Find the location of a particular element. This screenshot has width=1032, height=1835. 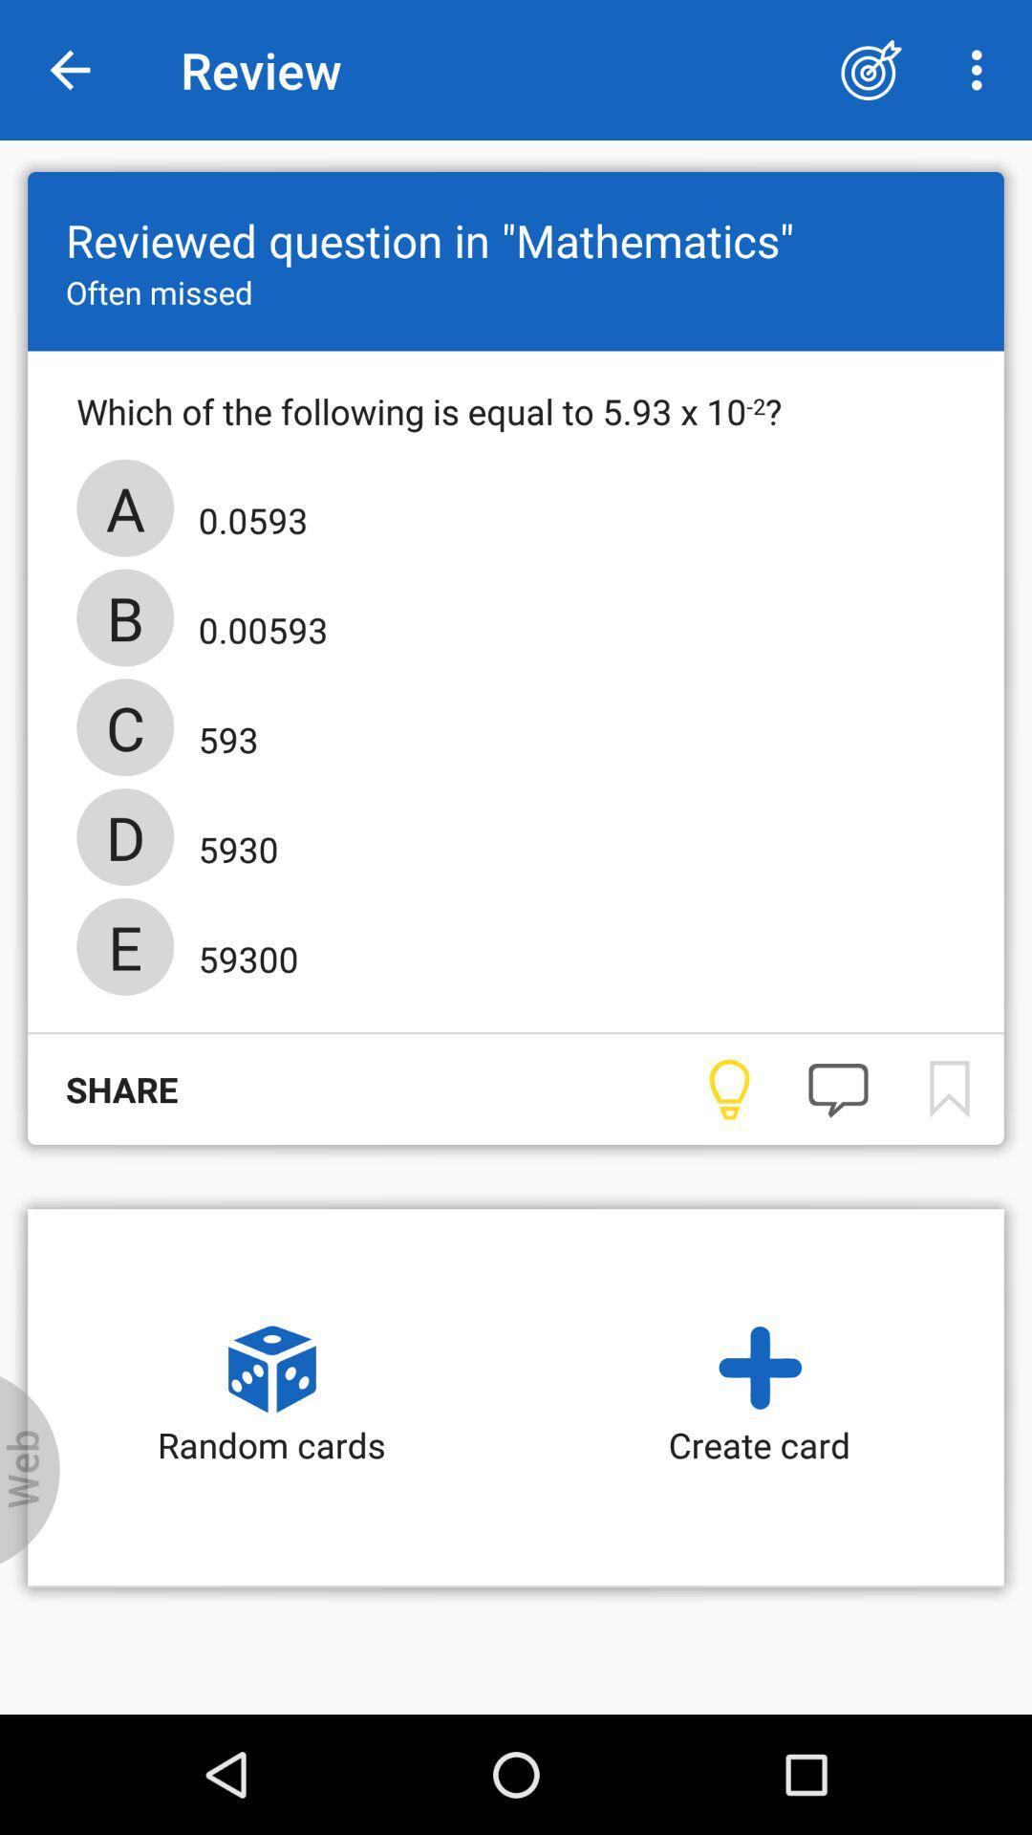

open sidebar is located at coordinates (30, 1469).